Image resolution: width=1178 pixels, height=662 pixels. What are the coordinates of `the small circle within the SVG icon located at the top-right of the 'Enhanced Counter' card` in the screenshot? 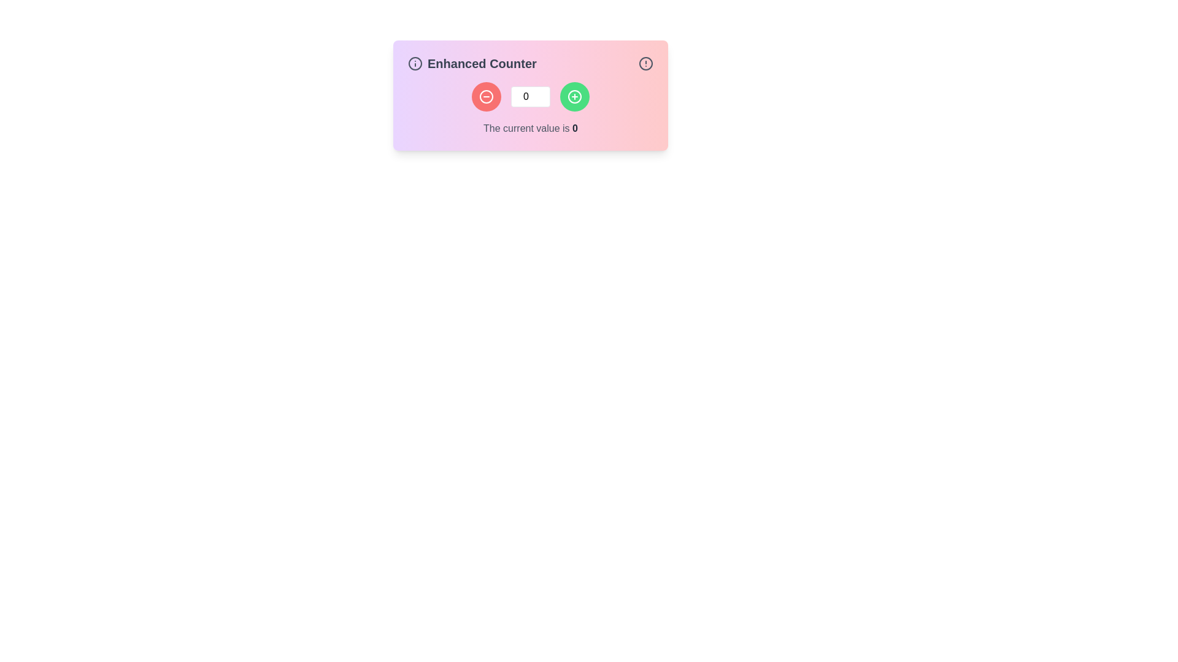 It's located at (415, 64).